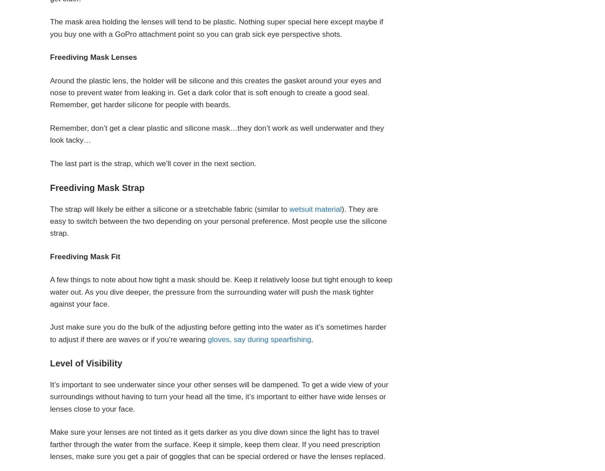  What do you see at coordinates (217, 28) in the screenshot?
I see `'The mask area holding the lenses will tend to be plastic. Nothing super special here except maybe if you buy one with a GoPro attachment point so you can grab sick eye perspective shots.'` at bounding box center [217, 28].